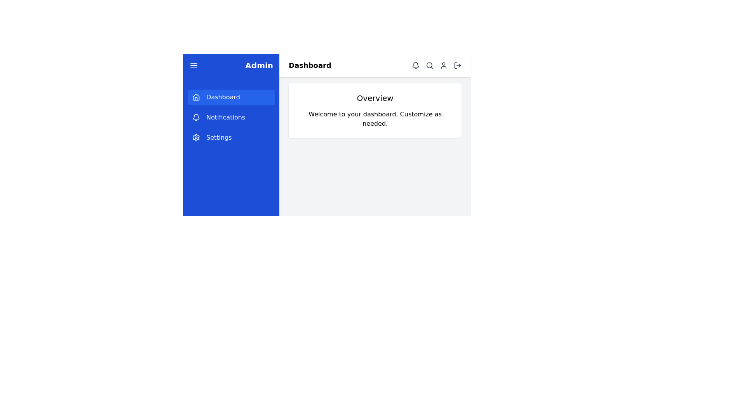  I want to click on the hamburger icon button on the far left side of the header section, so click(194, 65).